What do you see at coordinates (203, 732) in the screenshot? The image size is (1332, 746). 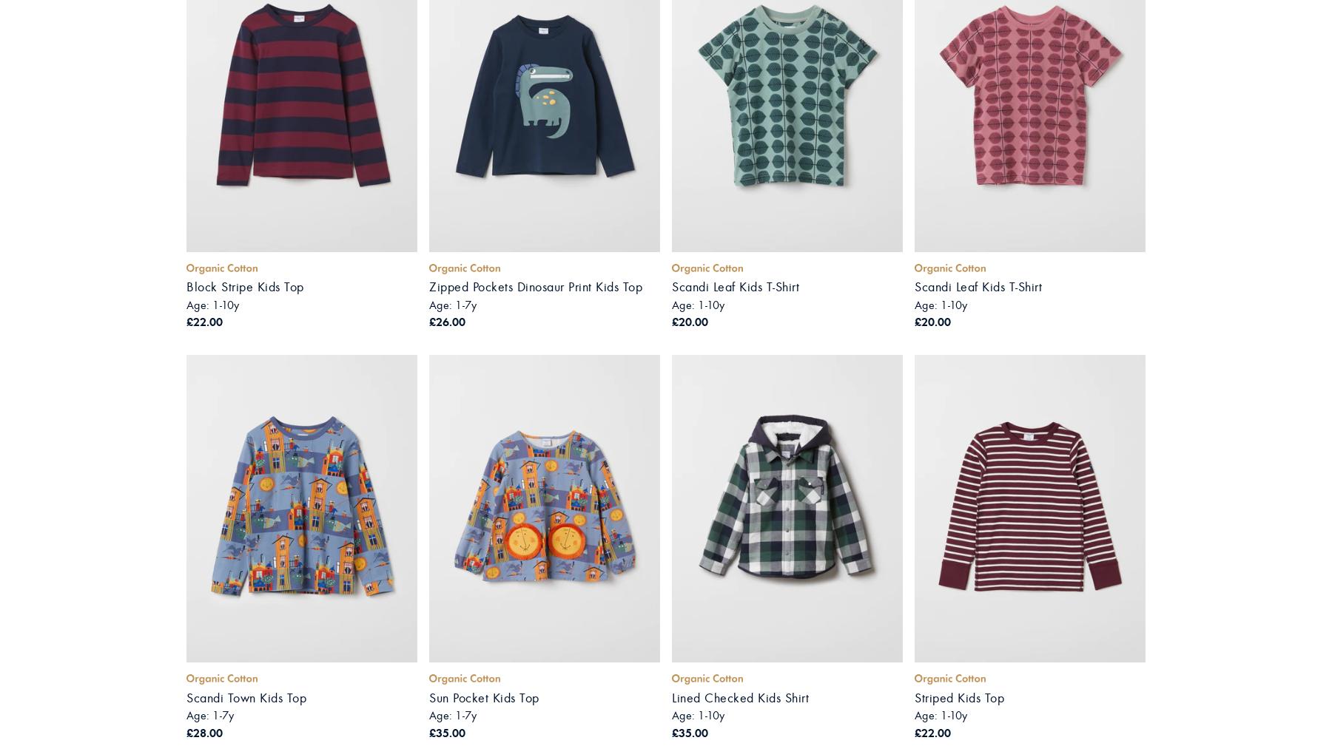 I see `'£28.00'` at bounding box center [203, 732].